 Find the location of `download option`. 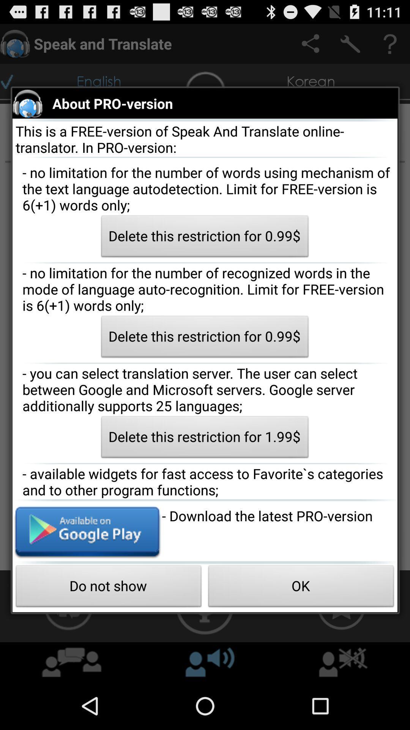

download option is located at coordinates (87, 531).